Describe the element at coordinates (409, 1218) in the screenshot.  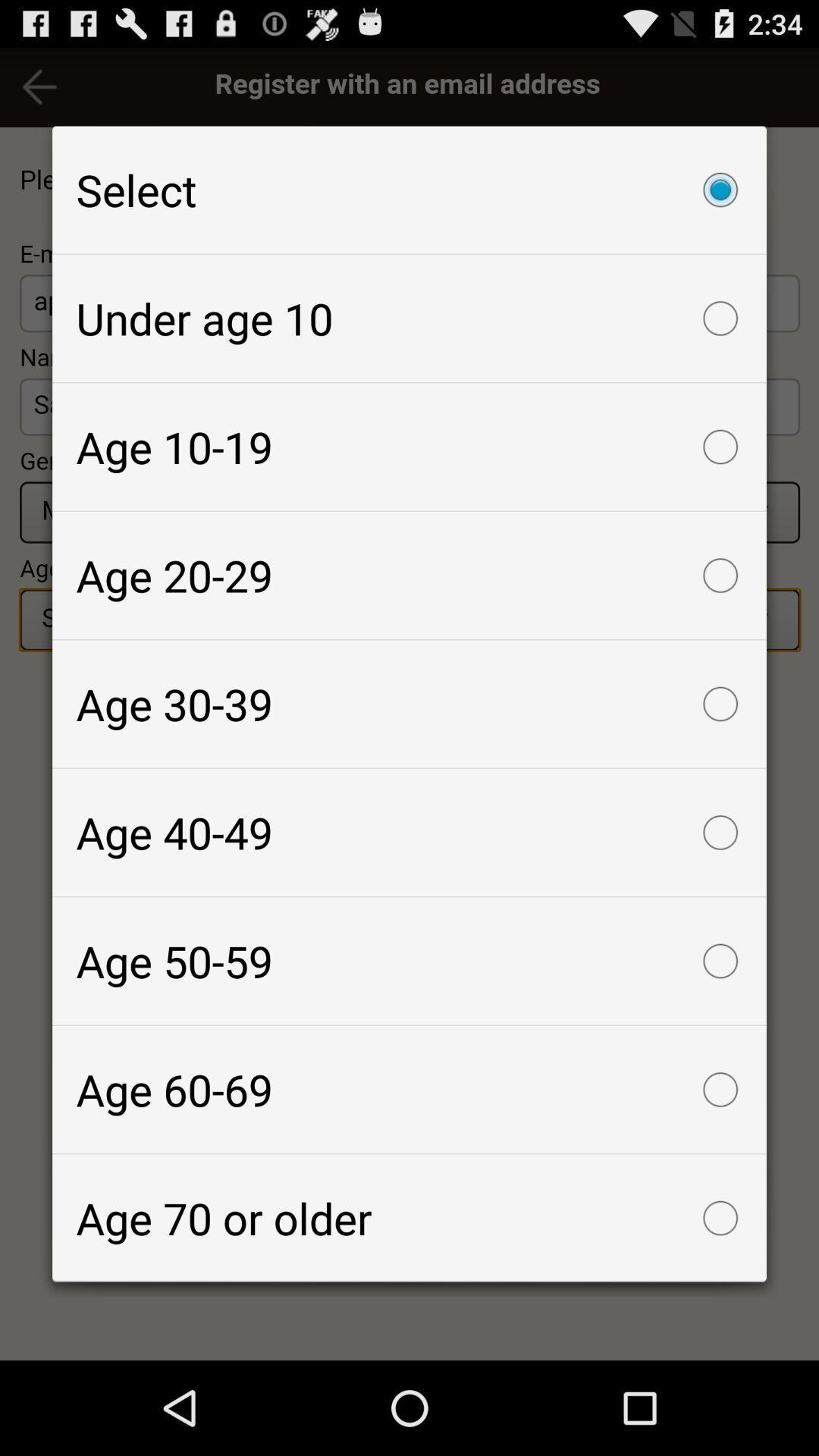
I see `age 70 or icon` at that location.